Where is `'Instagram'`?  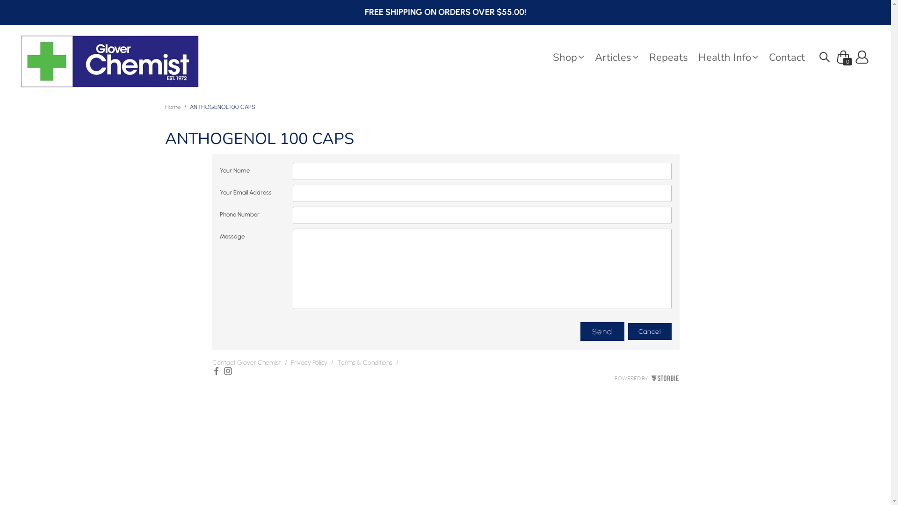 'Instagram' is located at coordinates (228, 373).